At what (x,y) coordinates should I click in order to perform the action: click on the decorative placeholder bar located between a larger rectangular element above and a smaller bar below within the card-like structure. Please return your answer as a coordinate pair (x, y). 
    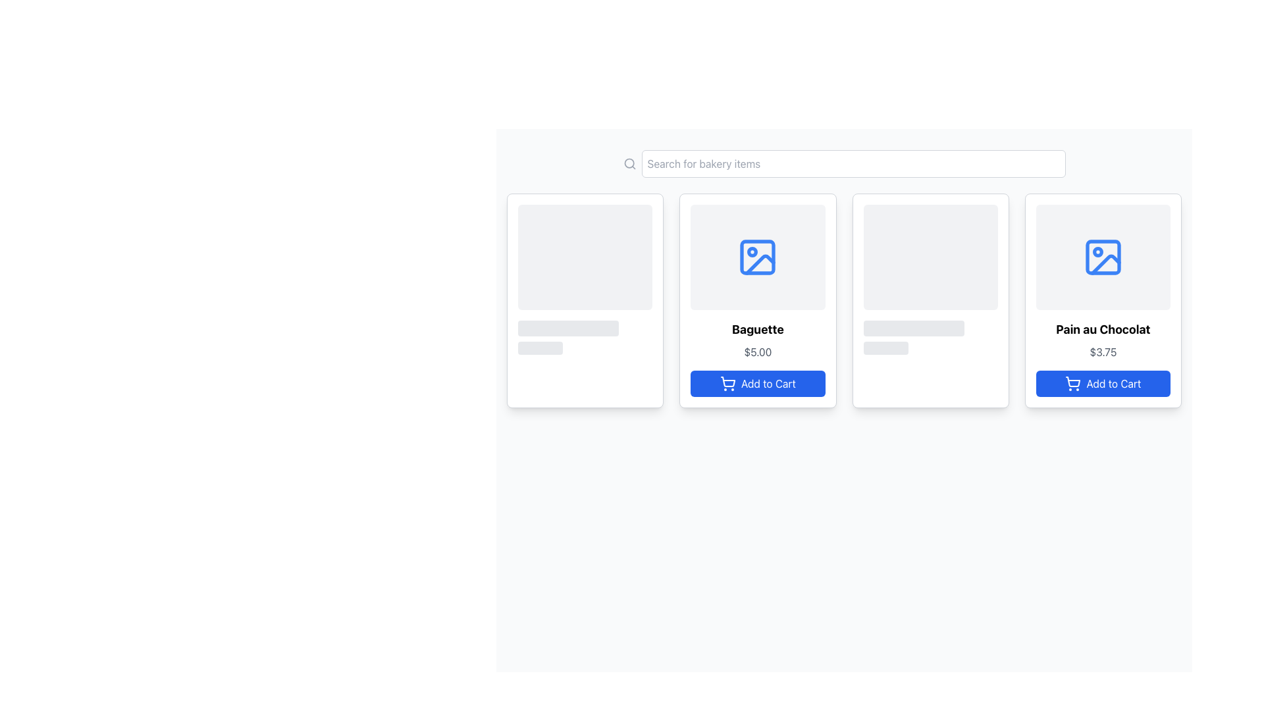
    Looking at the image, I should click on (913, 327).